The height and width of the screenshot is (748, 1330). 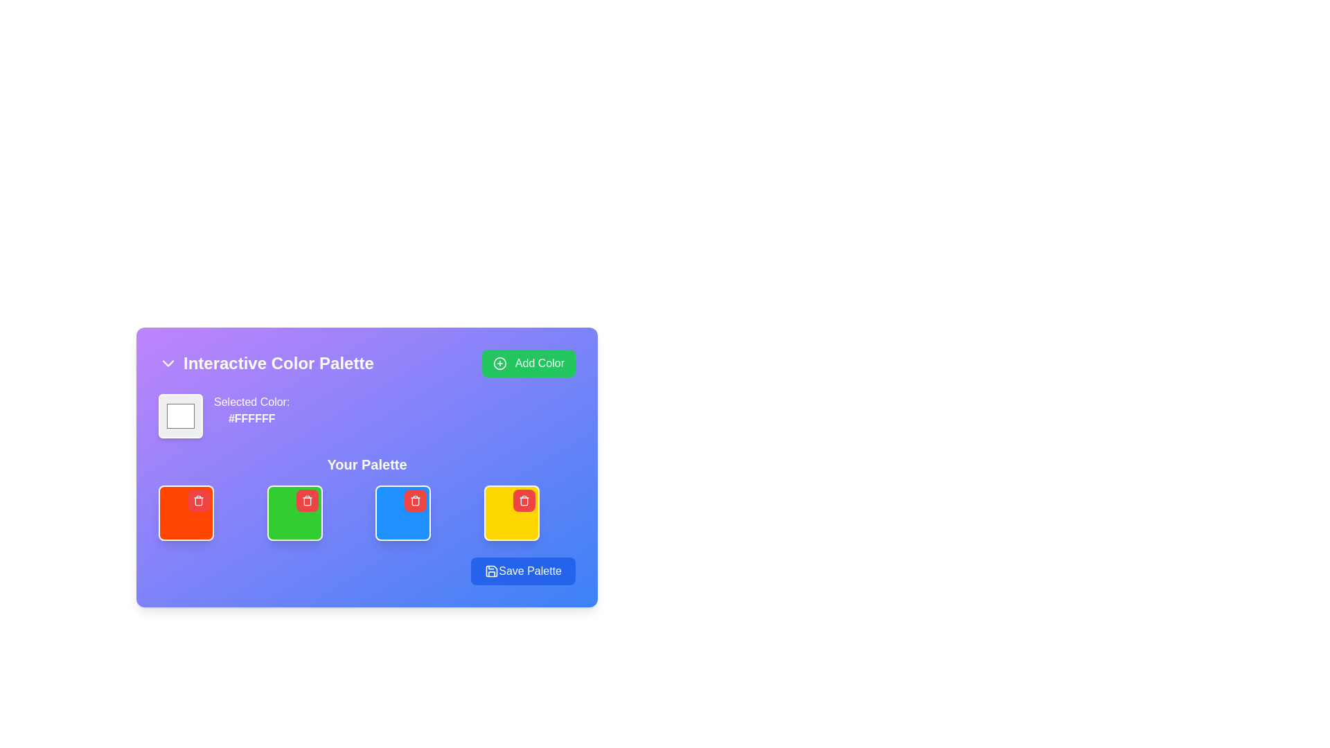 What do you see at coordinates (266, 362) in the screenshot?
I see `the chevron-down icon adjacent to the 'Interactive Color Palette' heading if it is interactive` at bounding box center [266, 362].